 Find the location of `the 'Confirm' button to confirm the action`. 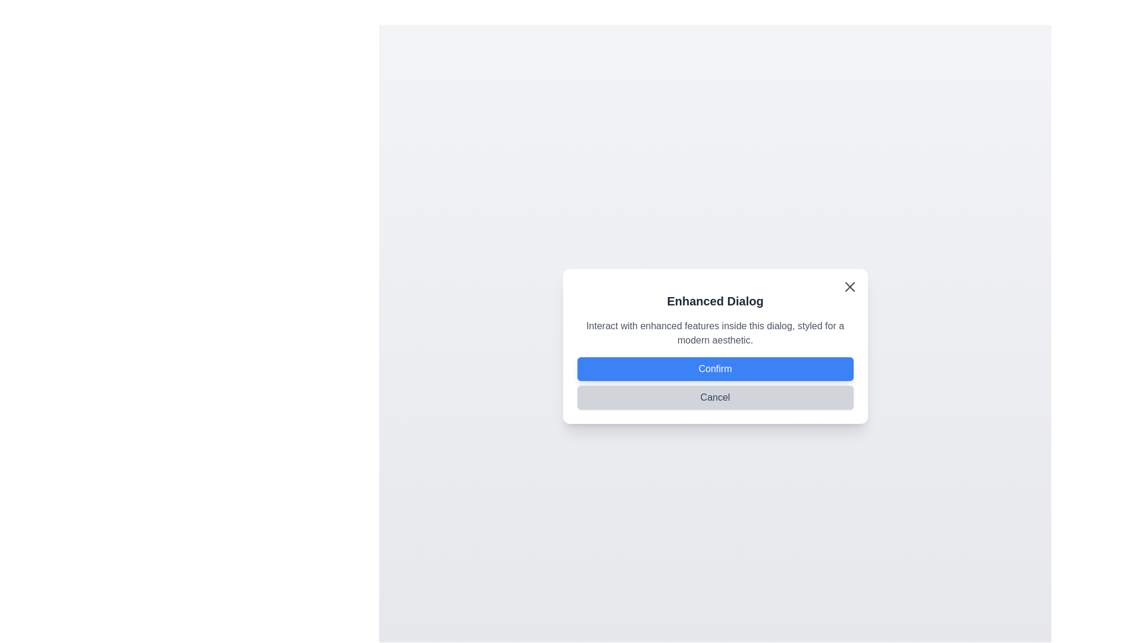

the 'Confirm' button to confirm the action is located at coordinates (714, 369).